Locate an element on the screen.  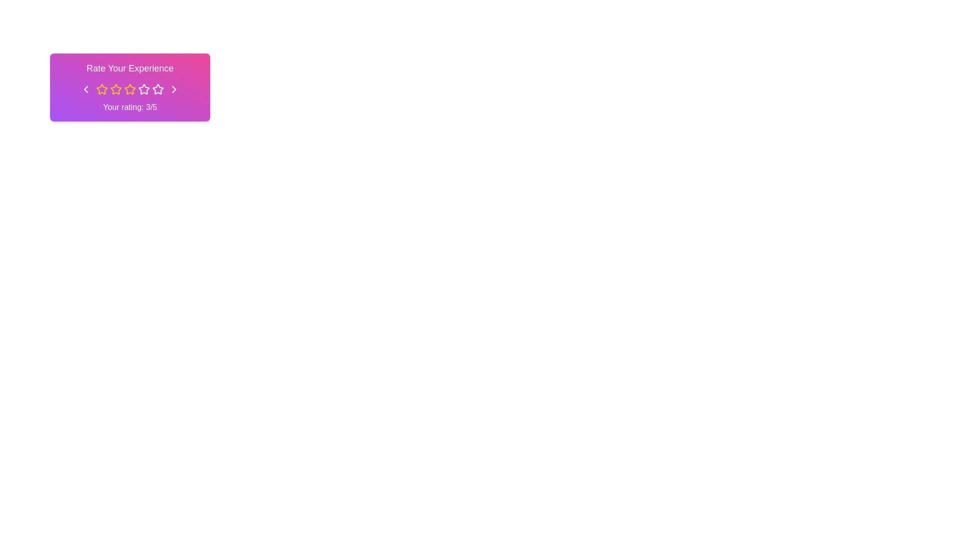
the forward navigation icon, which is the second arrow in a row of interactive components, positioned to the right of the left-chevron arrow and adjacent to the rating stars is located at coordinates (174, 88).